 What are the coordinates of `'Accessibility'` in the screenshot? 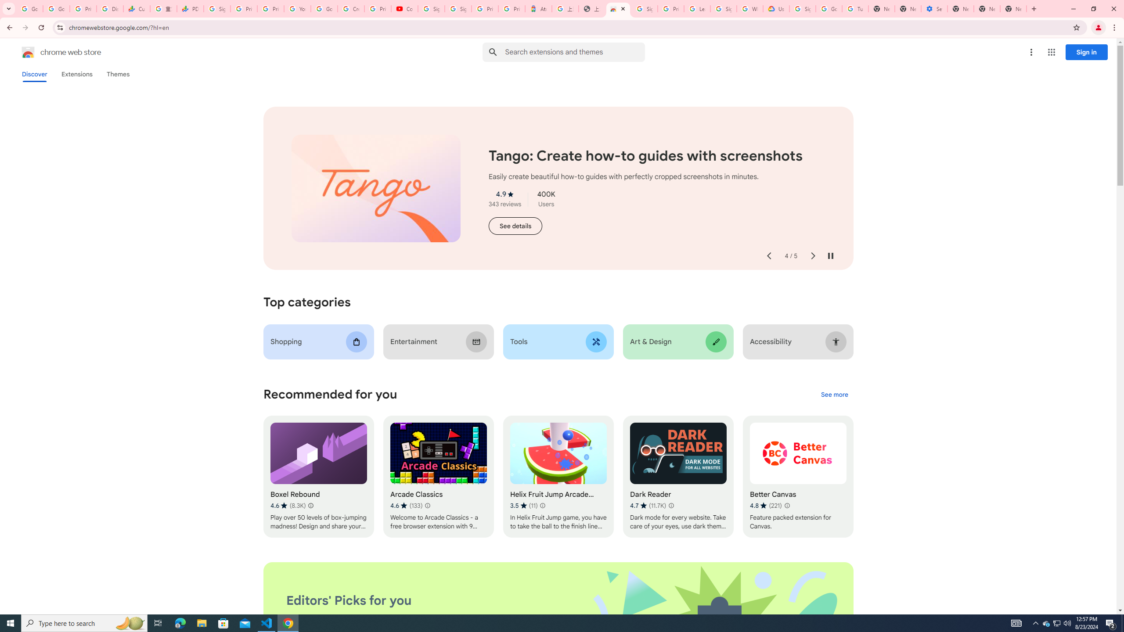 It's located at (798, 341).